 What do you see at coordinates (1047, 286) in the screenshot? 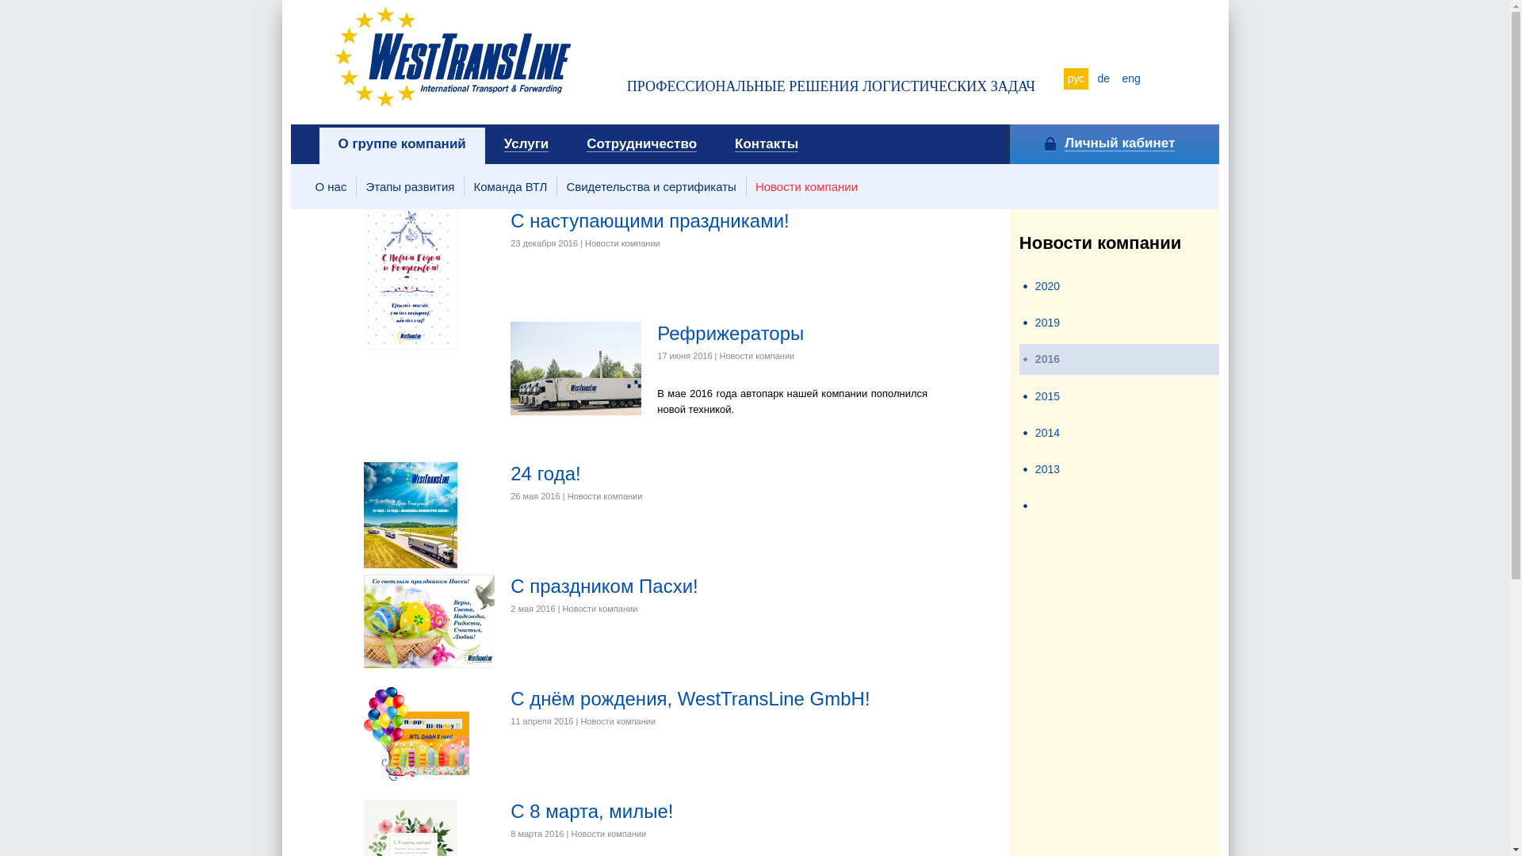
I see `'2020'` at bounding box center [1047, 286].